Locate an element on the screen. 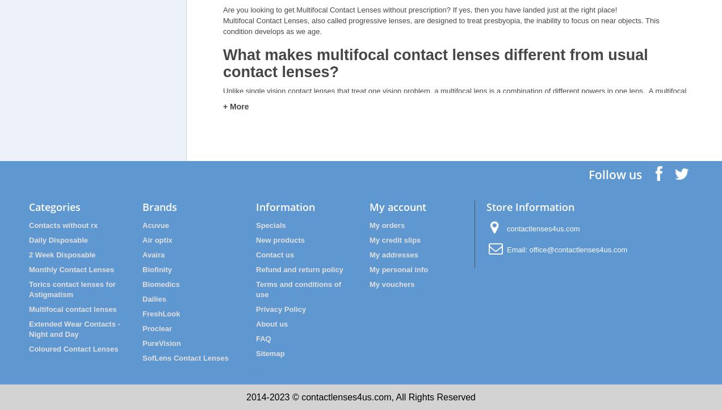  'Are you looking to get Multifocal Contact Lenses without prescription? If yes, then you have landed just at the right place!' is located at coordinates (223, 9).